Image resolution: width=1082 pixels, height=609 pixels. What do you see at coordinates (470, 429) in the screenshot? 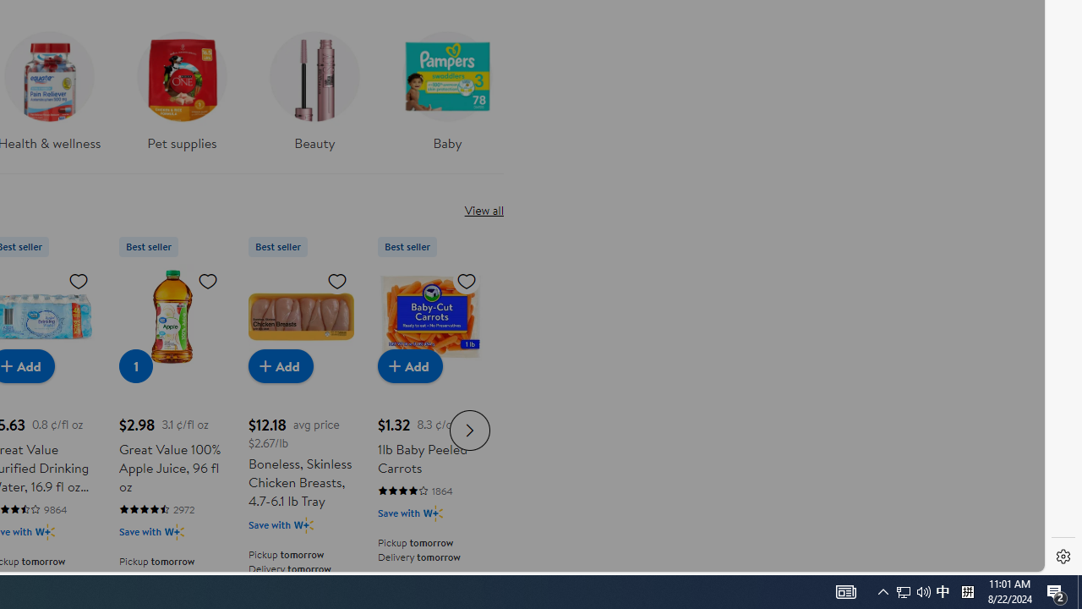
I see `'Next slide for Product Carousel list'` at bounding box center [470, 429].